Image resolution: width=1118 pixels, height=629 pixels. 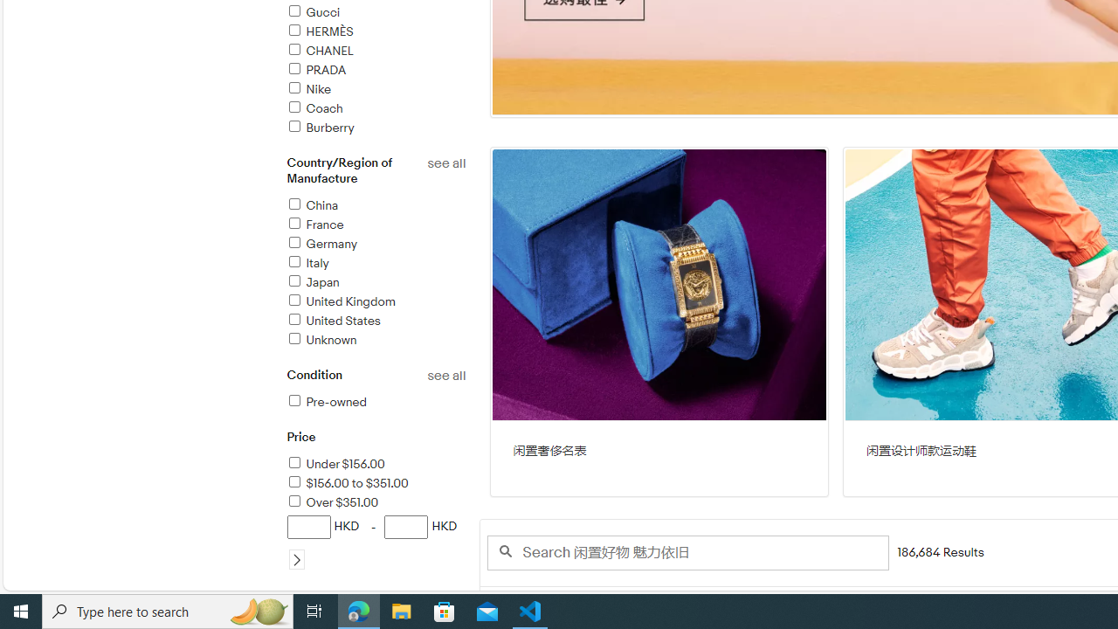 I want to click on 'Germany', so click(x=375, y=245).